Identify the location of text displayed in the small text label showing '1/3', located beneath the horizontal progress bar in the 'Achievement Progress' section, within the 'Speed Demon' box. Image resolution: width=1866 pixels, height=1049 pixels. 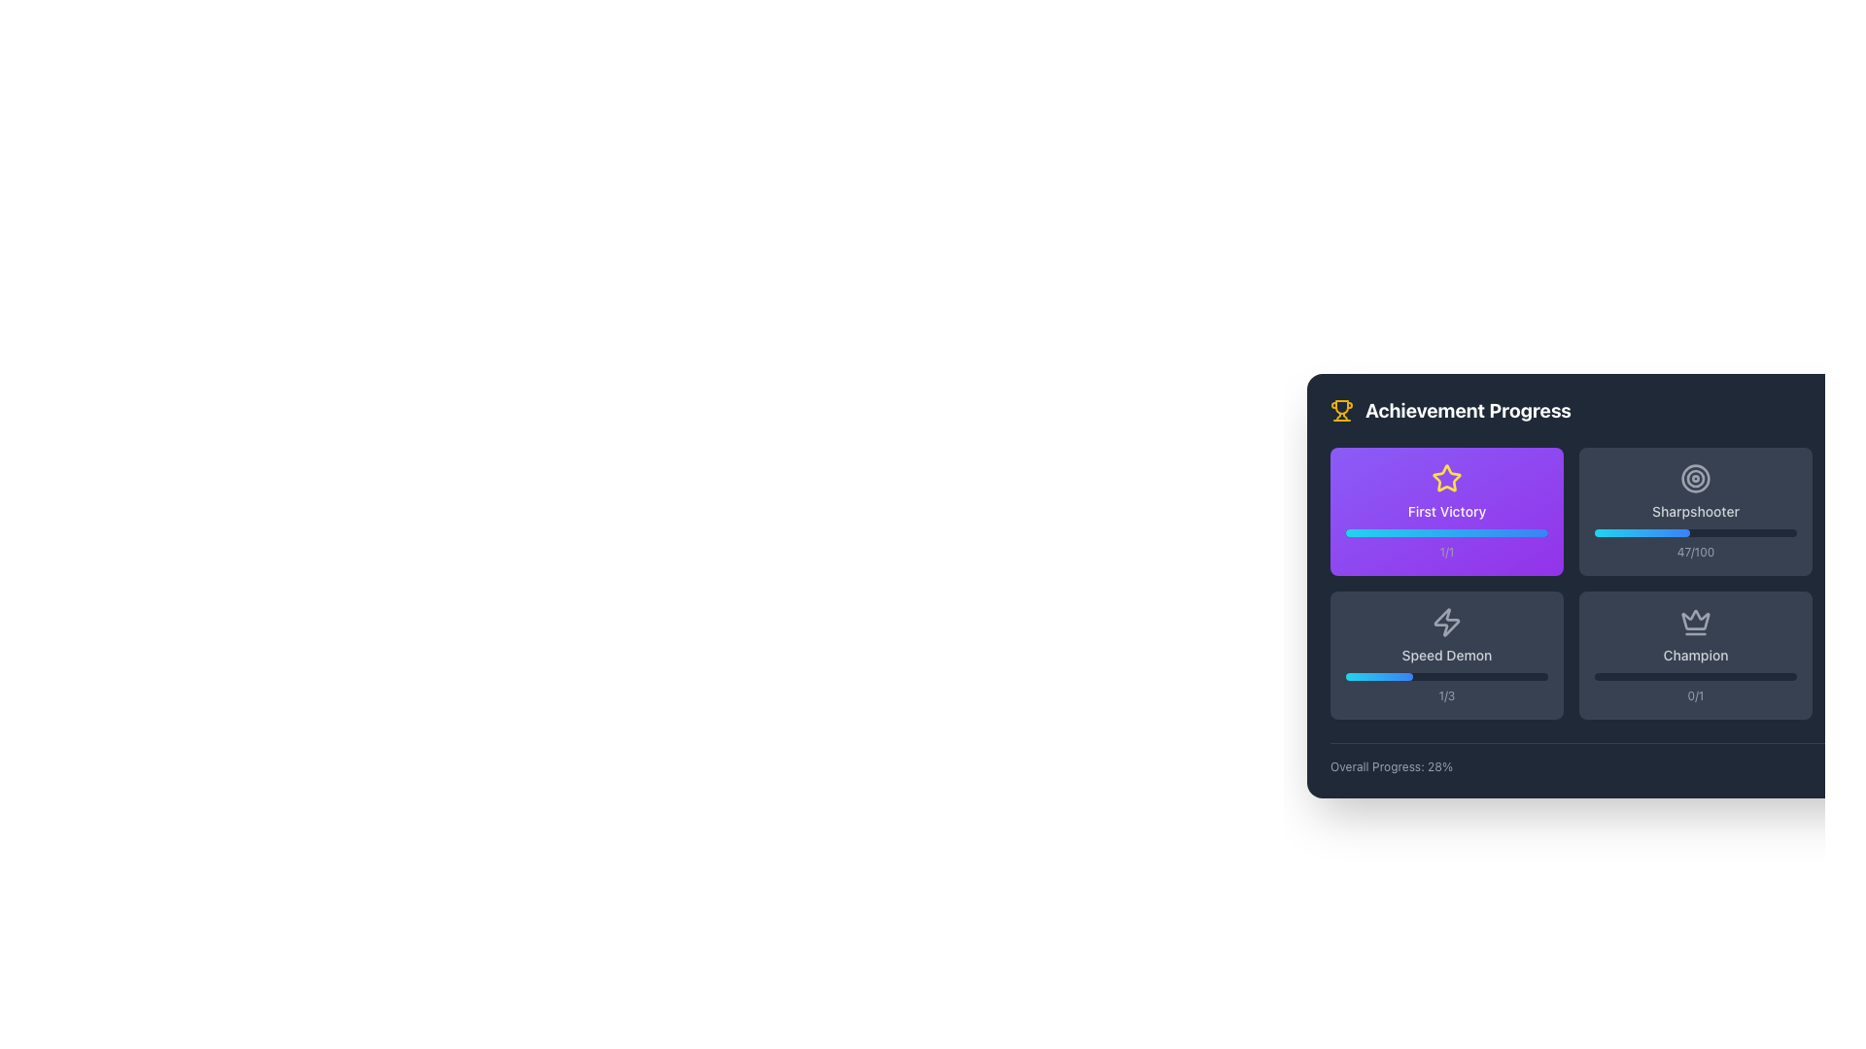
(1446, 695).